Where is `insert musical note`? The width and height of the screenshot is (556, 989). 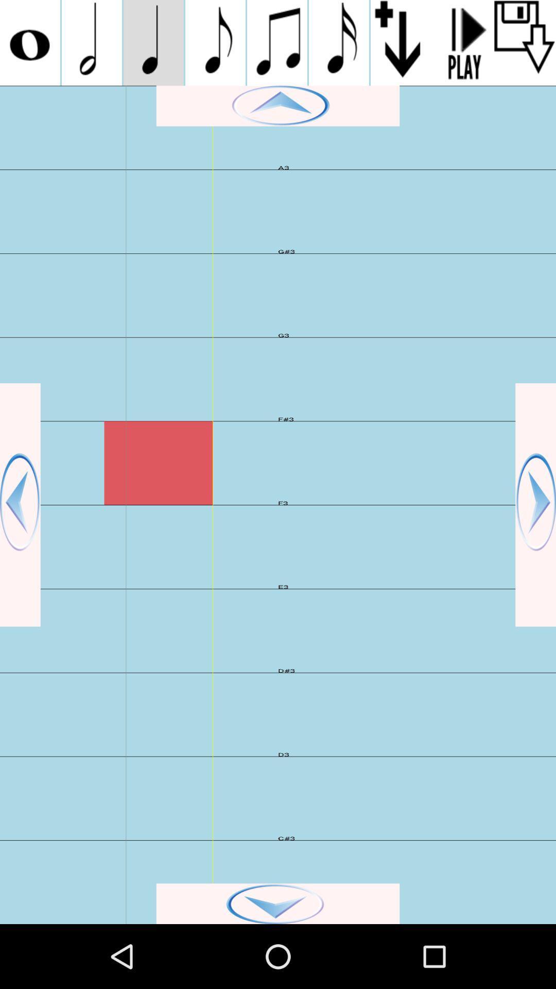 insert musical note is located at coordinates (339, 42).